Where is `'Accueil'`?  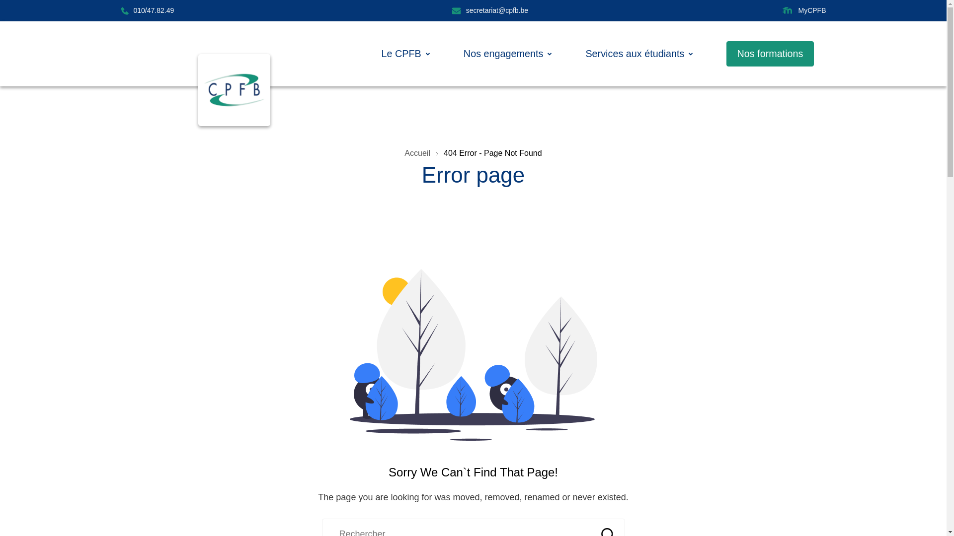 'Accueil' is located at coordinates (417, 153).